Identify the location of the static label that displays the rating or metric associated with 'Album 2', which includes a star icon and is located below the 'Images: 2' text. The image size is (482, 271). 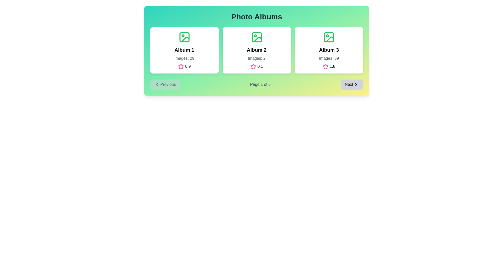
(257, 66).